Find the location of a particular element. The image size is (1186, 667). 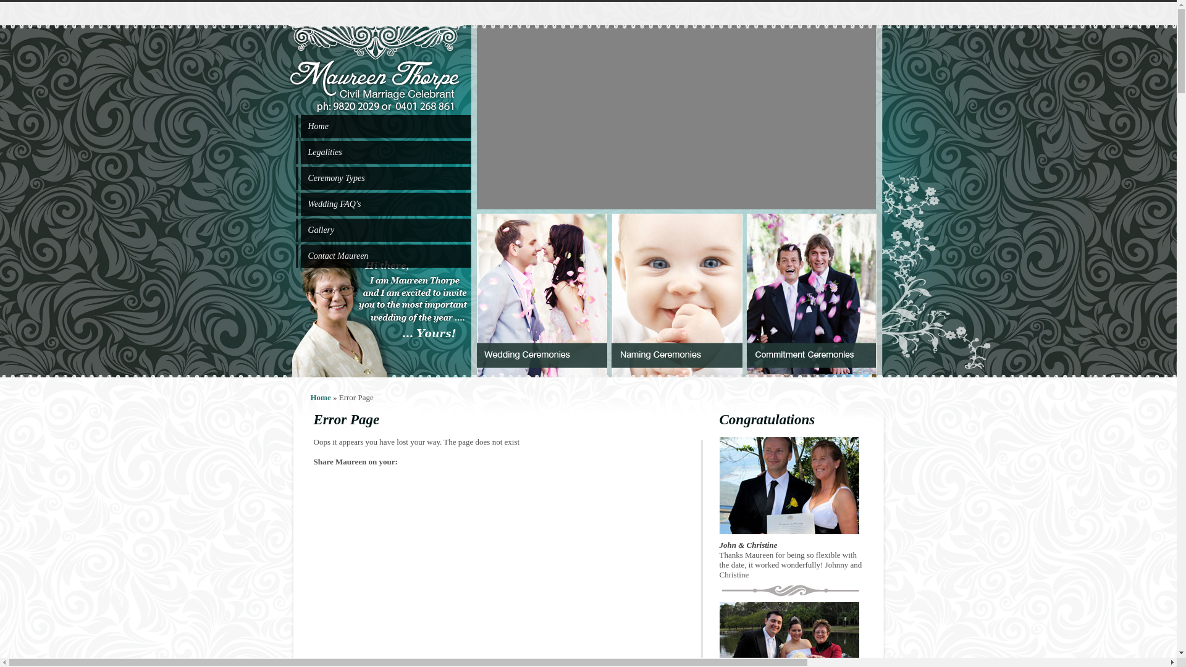

'Home' is located at coordinates (320, 397).